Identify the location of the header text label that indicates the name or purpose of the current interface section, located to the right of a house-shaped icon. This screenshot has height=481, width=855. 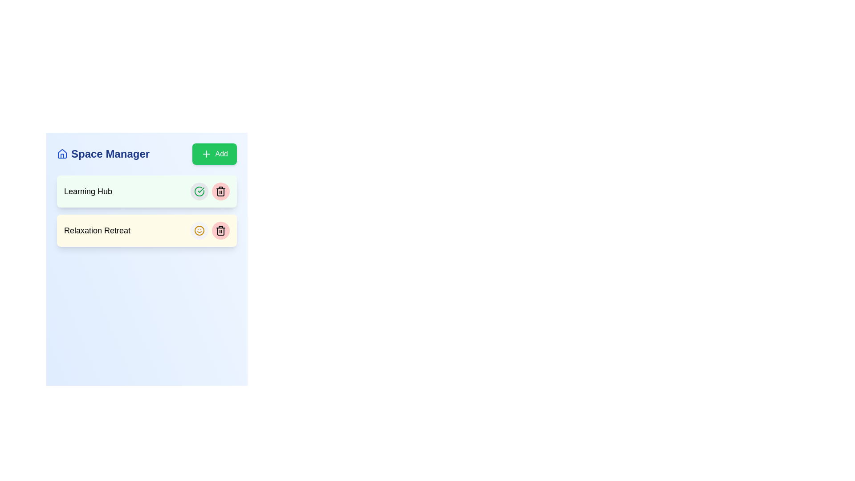
(110, 154).